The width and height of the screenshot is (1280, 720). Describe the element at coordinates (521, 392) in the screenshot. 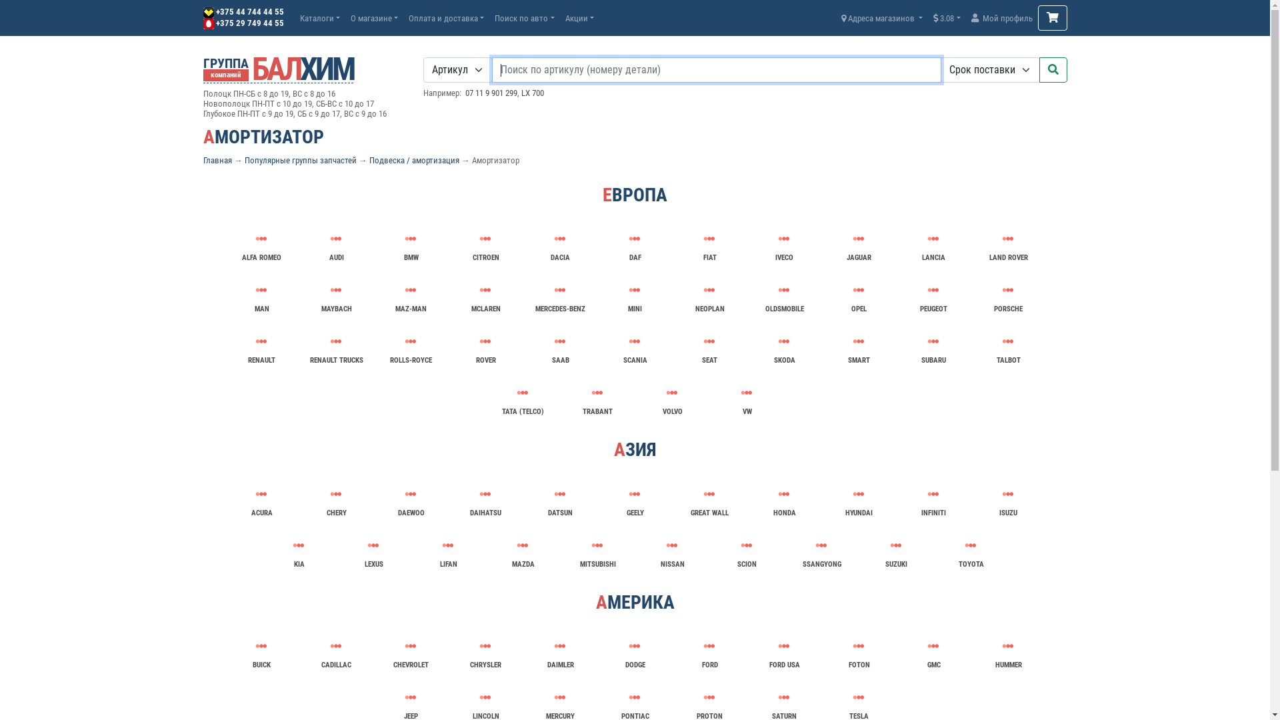

I see `'TATA (TELCO)'` at that location.